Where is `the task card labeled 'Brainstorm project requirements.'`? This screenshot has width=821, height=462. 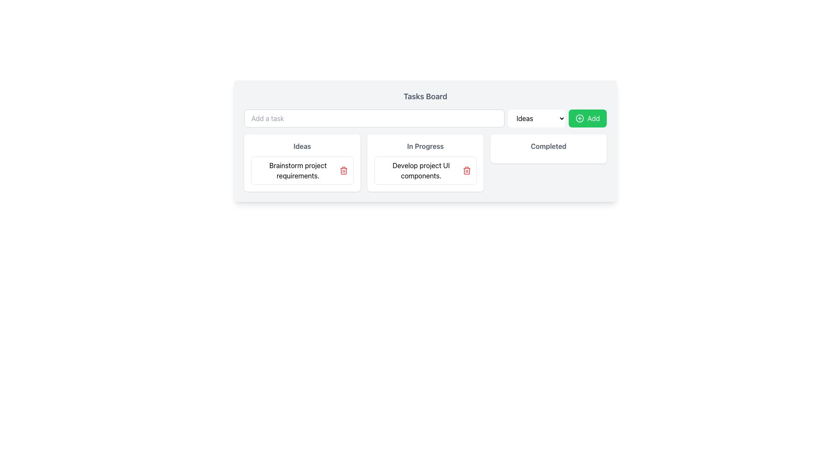
the task card labeled 'Brainstorm project requirements.' is located at coordinates (302, 170).